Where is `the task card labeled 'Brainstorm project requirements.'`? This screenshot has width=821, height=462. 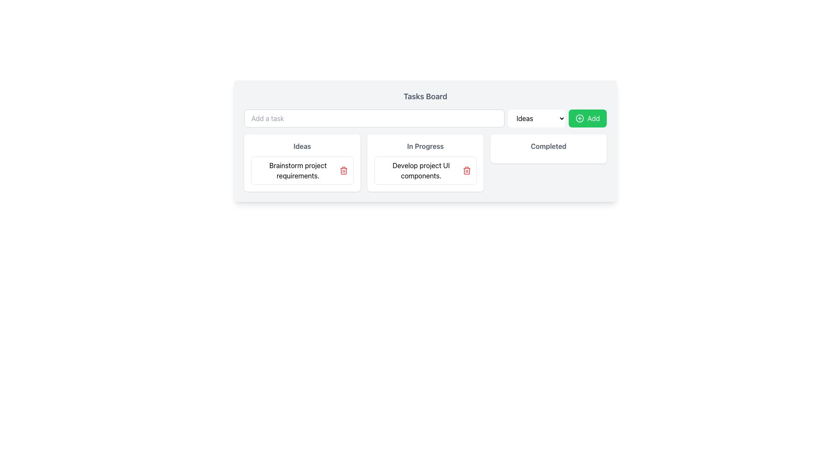
the task card labeled 'Brainstorm project requirements.' is located at coordinates (302, 170).